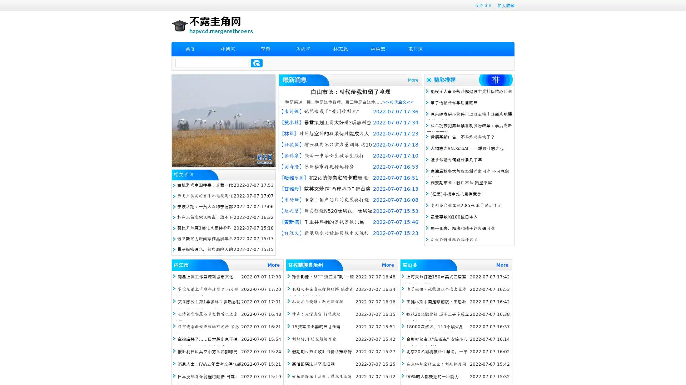  Describe the element at coordinates (257, 63) in the screenshot. I see `Search` at that location.